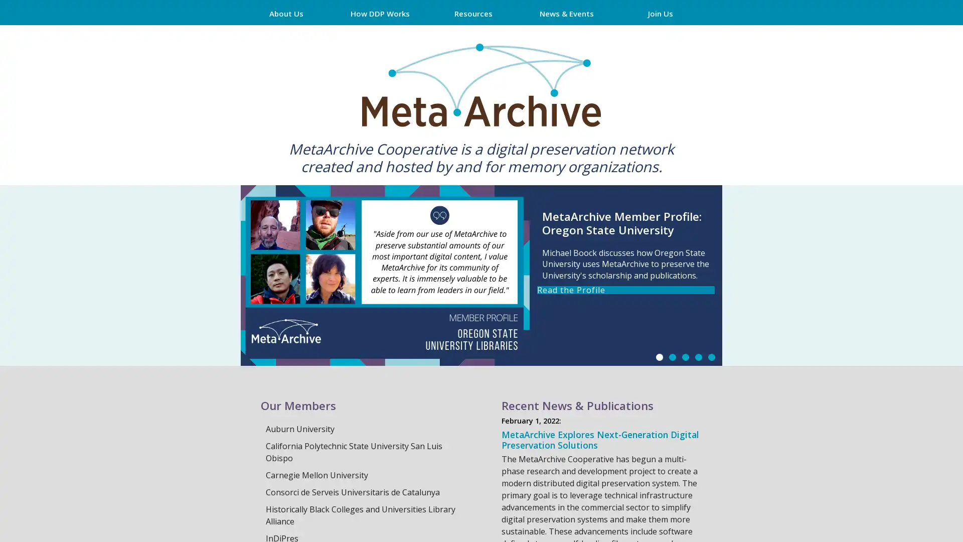 Image resolution: width=963 pixels, height=542 pixels. I want to click on Go to slide 4, so click(698, 357).